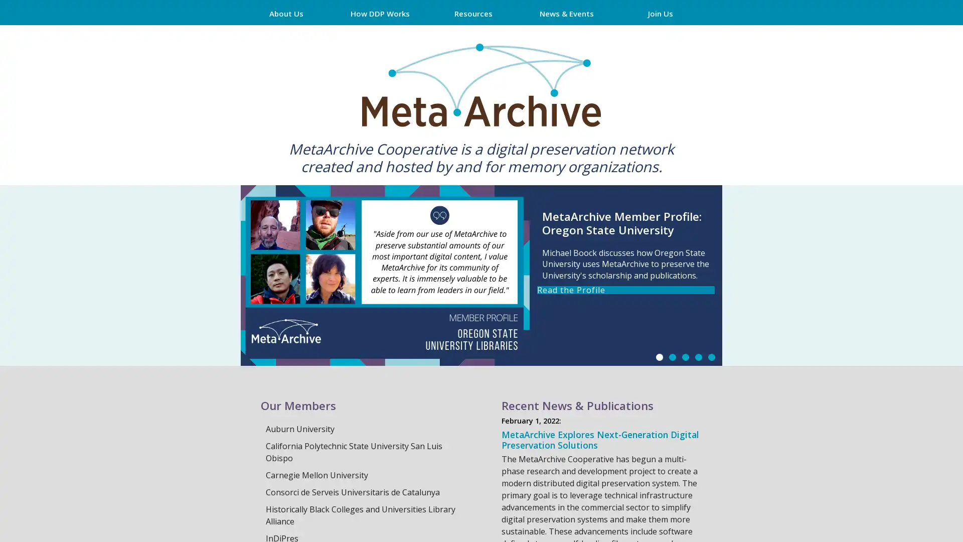 Image resolution: width=963 pixels, height=542 pixels. I want to click on Go to slide 4, so click(698, 357).